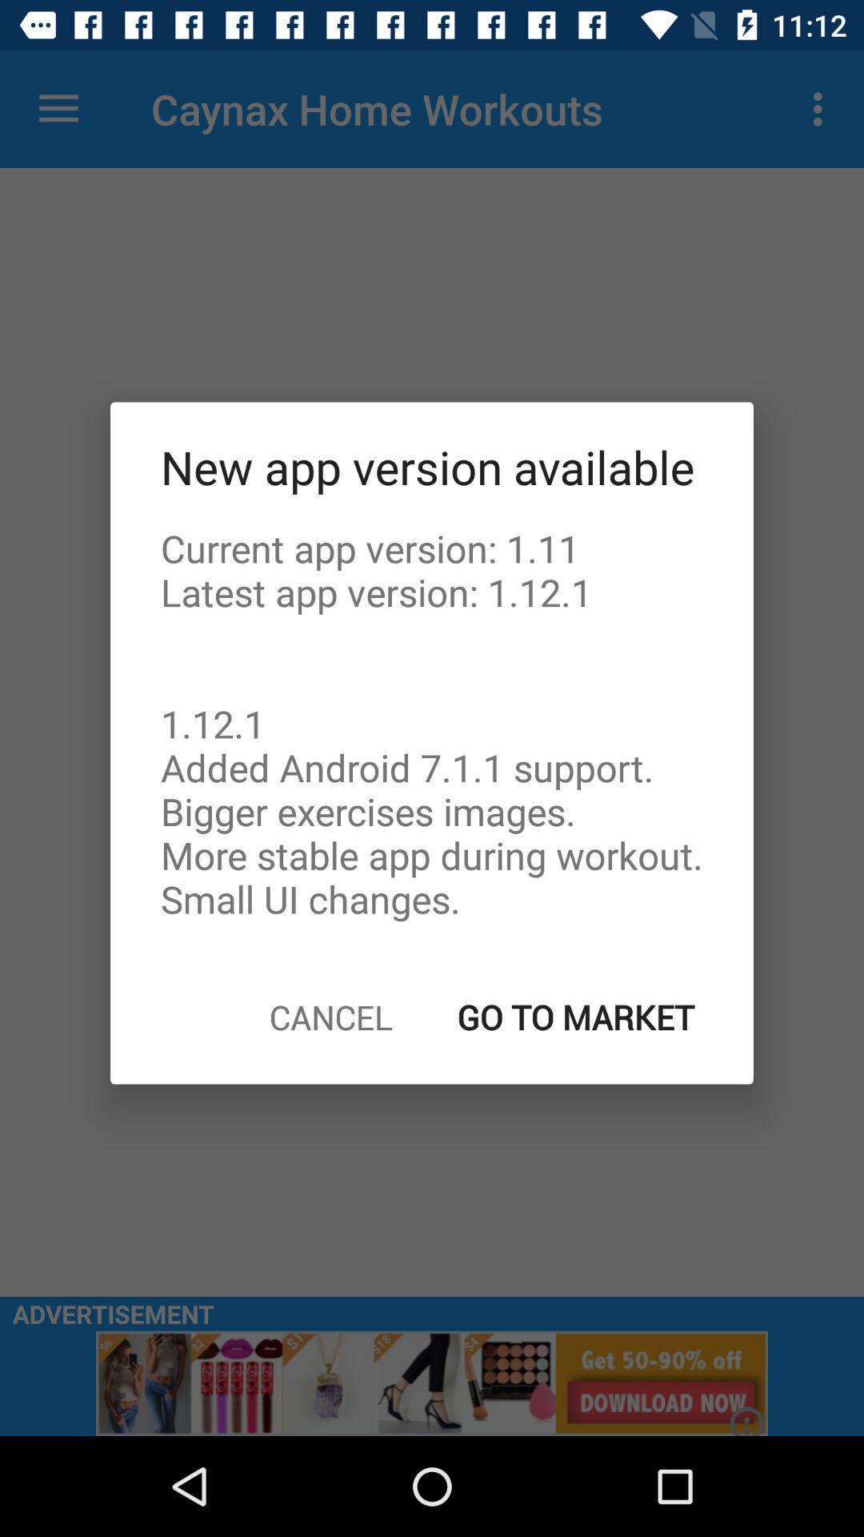 This screenshot has width=864, height=1537. I want to click on the cancel icon, so click(330, 1016).